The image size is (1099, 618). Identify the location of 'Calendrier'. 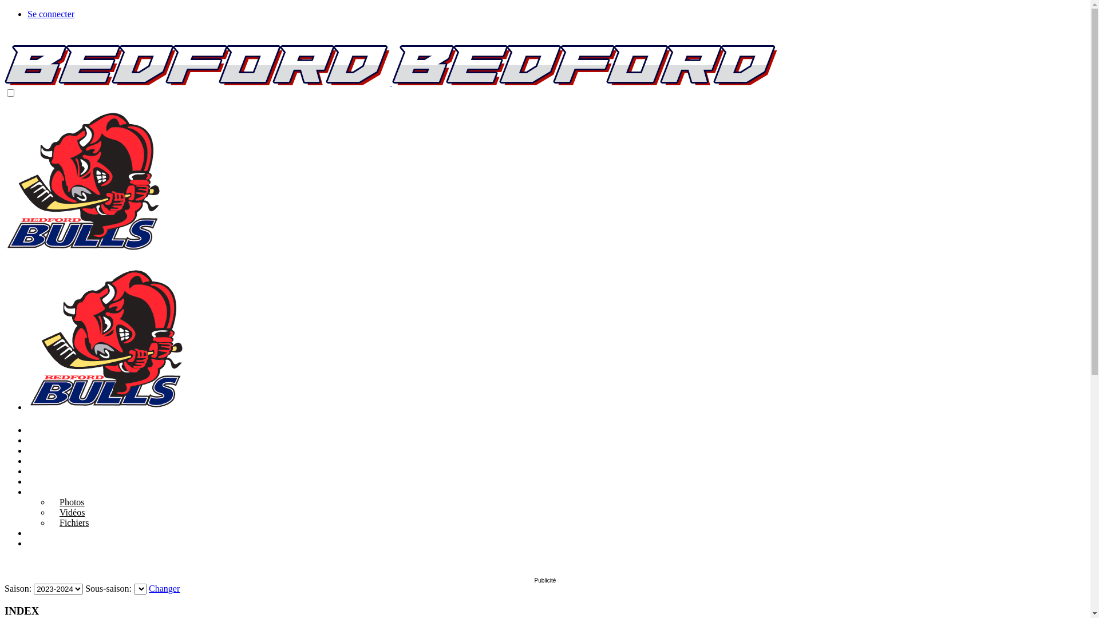
(46, 450).